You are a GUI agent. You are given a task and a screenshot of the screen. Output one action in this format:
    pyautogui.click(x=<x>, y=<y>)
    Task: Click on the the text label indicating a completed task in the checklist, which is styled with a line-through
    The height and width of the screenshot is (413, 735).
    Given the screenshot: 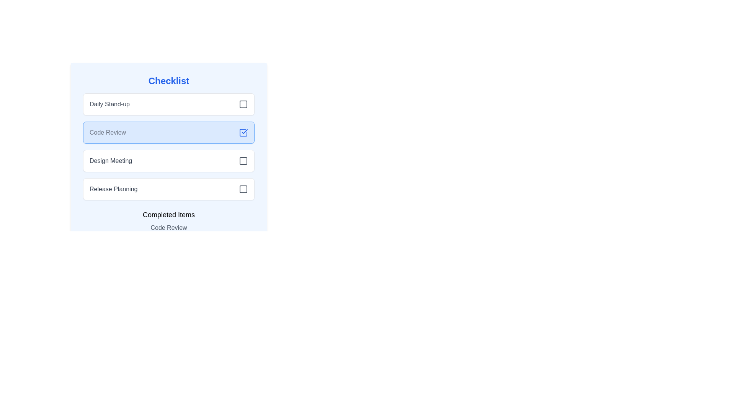 What is the action you would take?
    pyautogui.click(x=107, y=132)
    